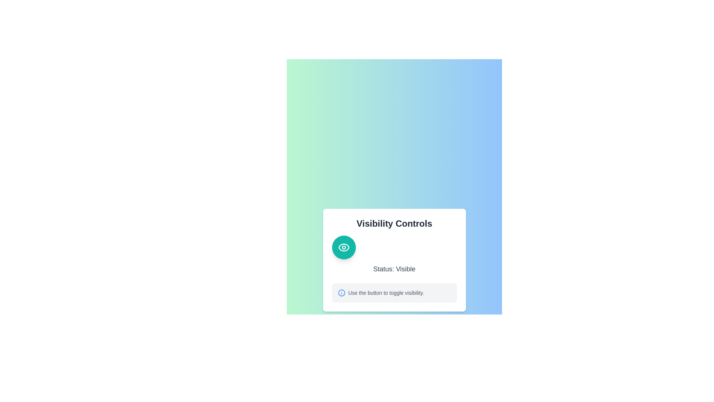 This screenshot has height=402, width=714. Describe the element at coordinates (343, 247) in the screenshot. I see `the toggle button to change the visibility state` at that location.